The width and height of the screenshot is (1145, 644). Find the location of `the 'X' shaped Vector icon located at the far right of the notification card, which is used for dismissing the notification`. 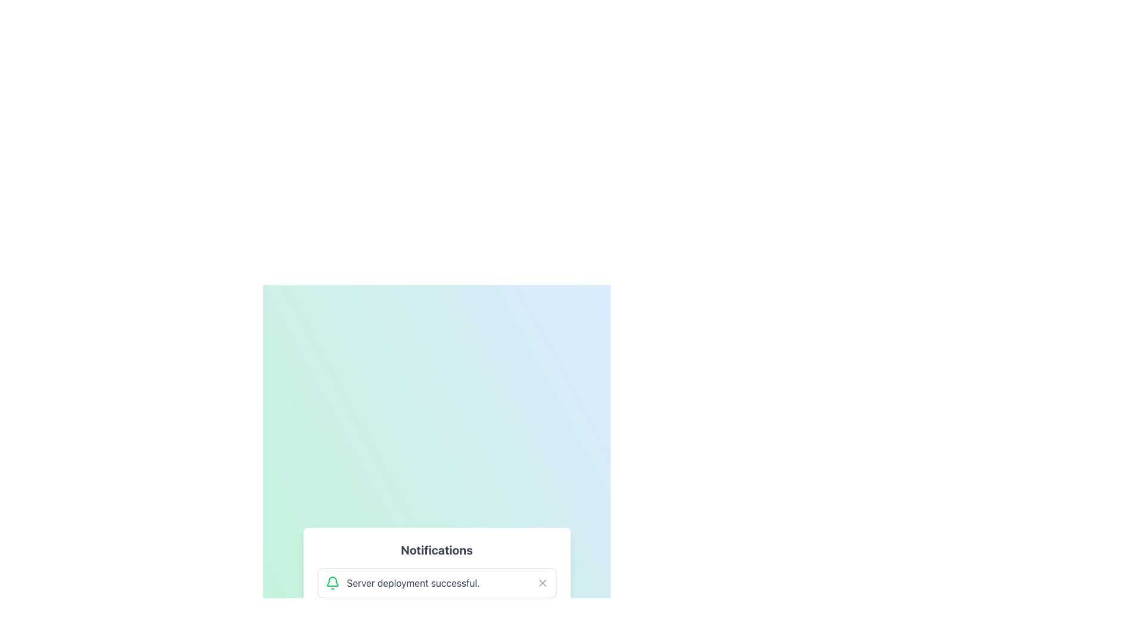

the 'X' shaped Vector icon located at the far right of the notification card, which is used for dismissing the notification is located at coordinates (541, 583).